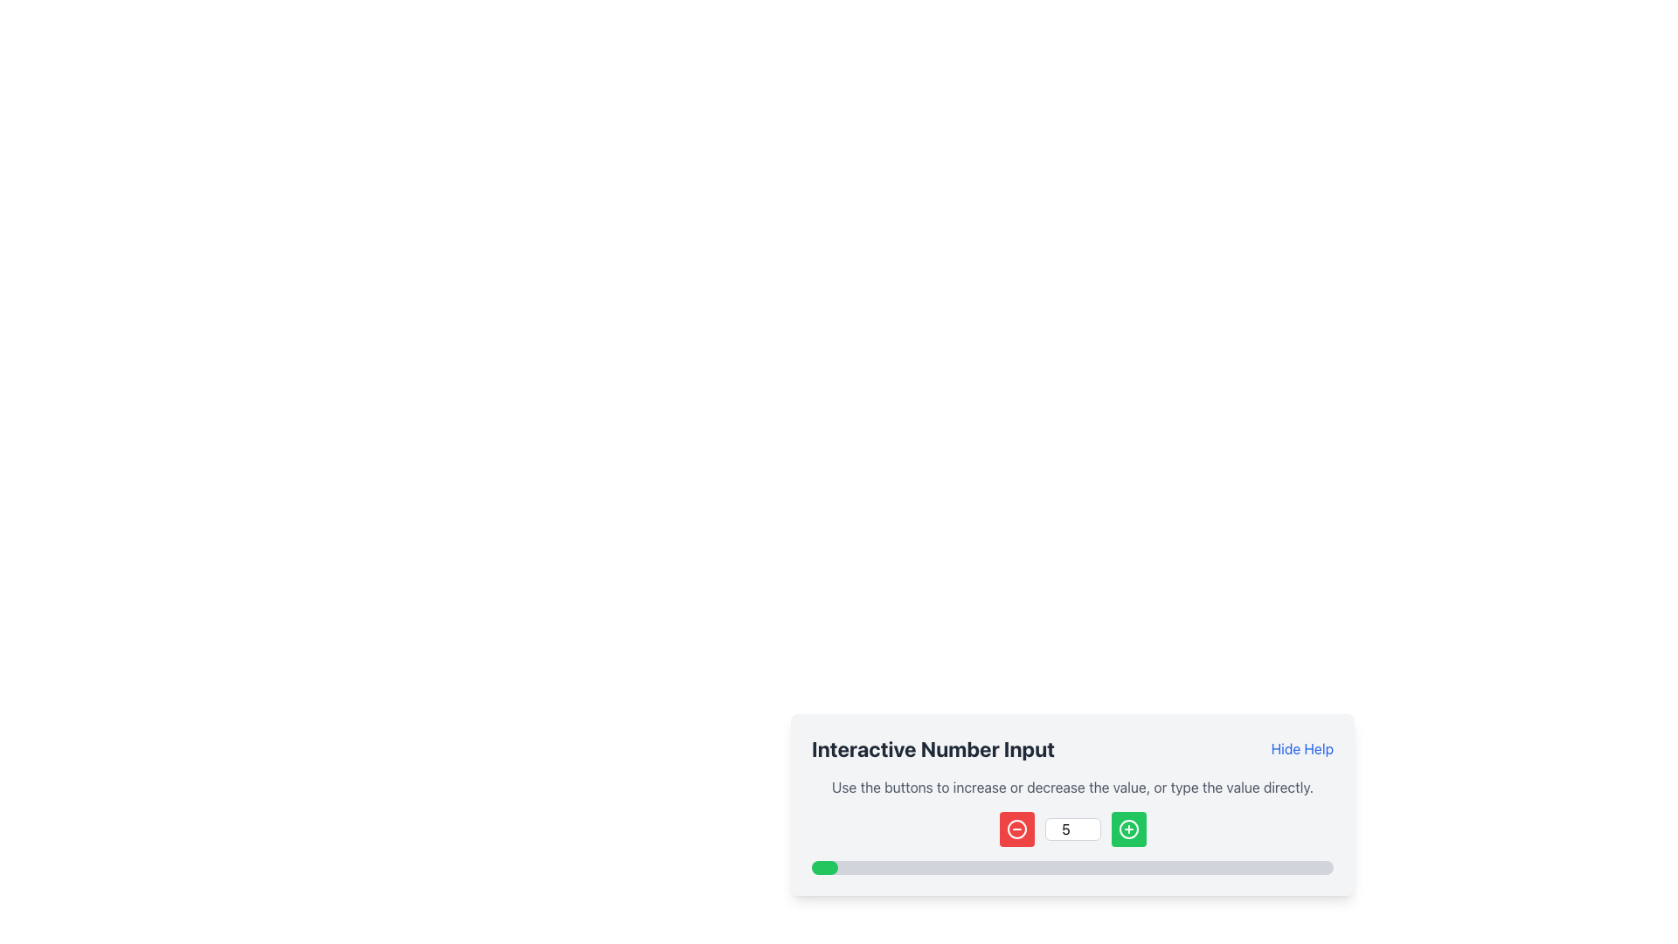 The image size is (1678, 944). Describe the element at coordinates (1016, 828) in the screenshot. I see `the button that decreases the adjacent numeric value, positioned left of the numeric input box and within a group of three interactive components` at that location.